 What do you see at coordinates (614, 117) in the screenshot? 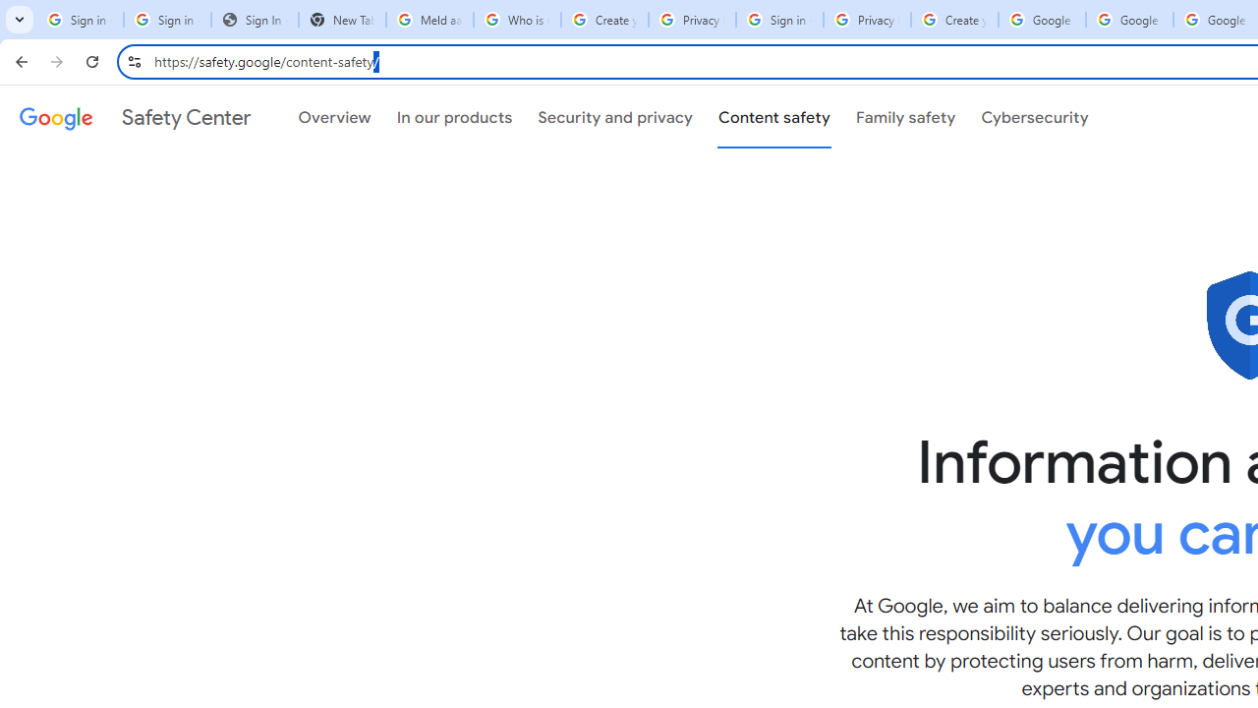
I see `'Security and privacy'` at bounding box center [614, 117].